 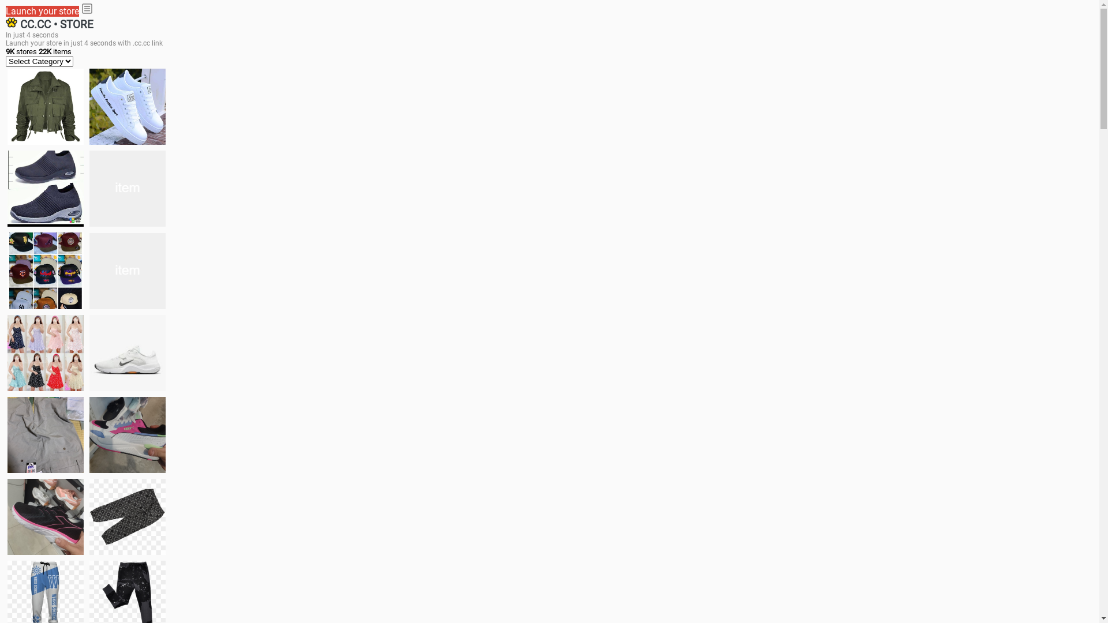 I want to click on 'Zapatillas pumas', so click(x=88, y=434).